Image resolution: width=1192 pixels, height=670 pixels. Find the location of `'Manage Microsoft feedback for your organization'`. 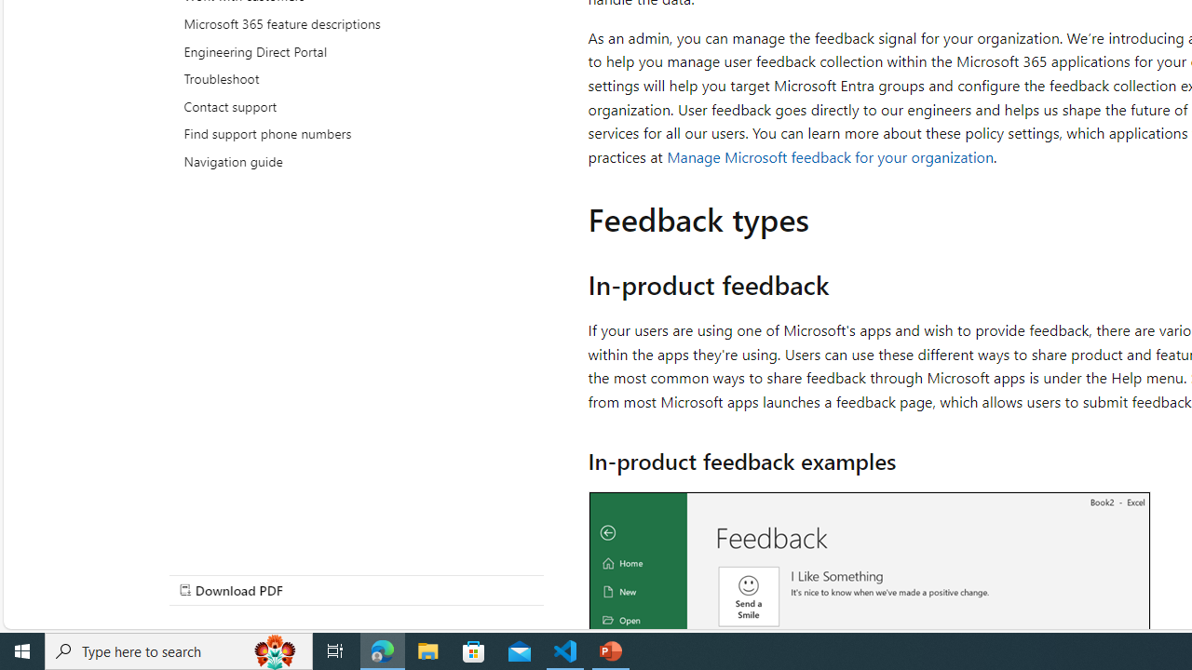

'Manage Microsoft feedback for your organization' is located at coordinates (829, 155).